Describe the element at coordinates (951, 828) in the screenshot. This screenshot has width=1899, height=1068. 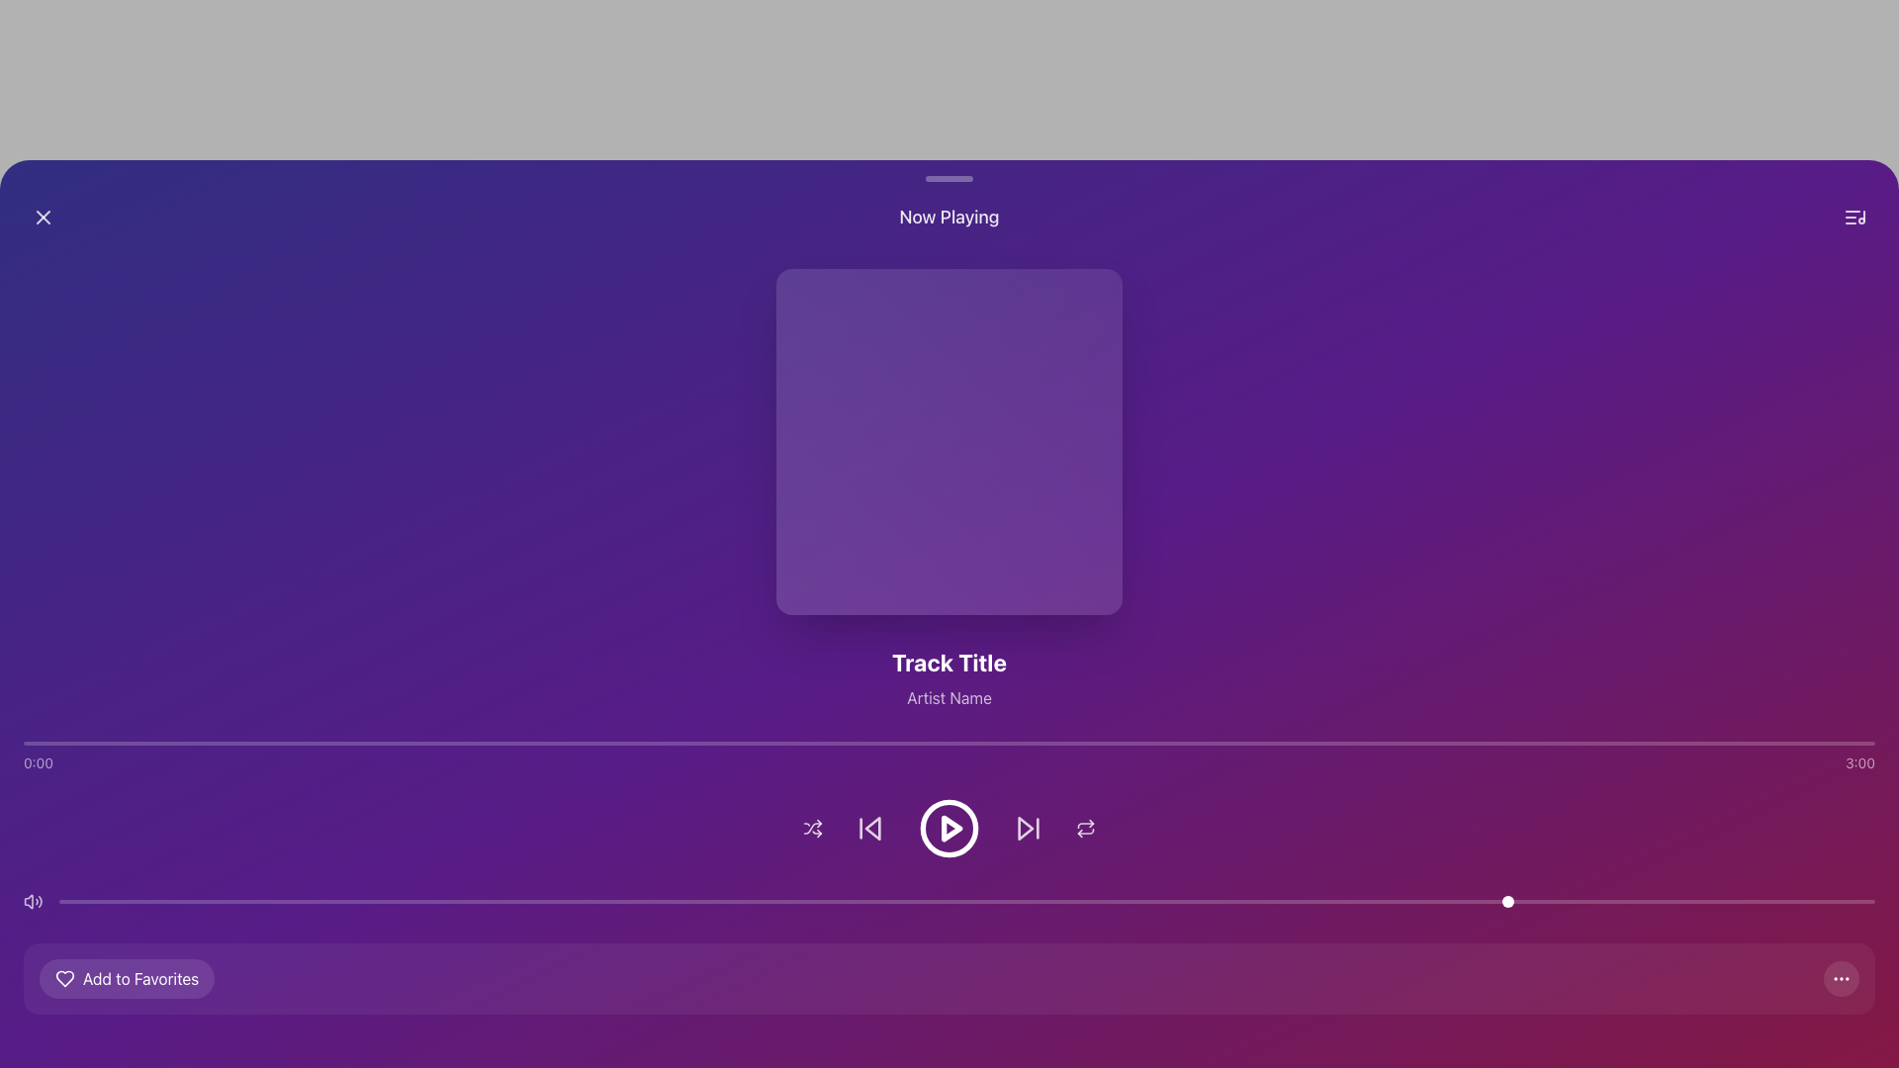
I see `the decorative play indicator icon within the circular play button located` at that location.